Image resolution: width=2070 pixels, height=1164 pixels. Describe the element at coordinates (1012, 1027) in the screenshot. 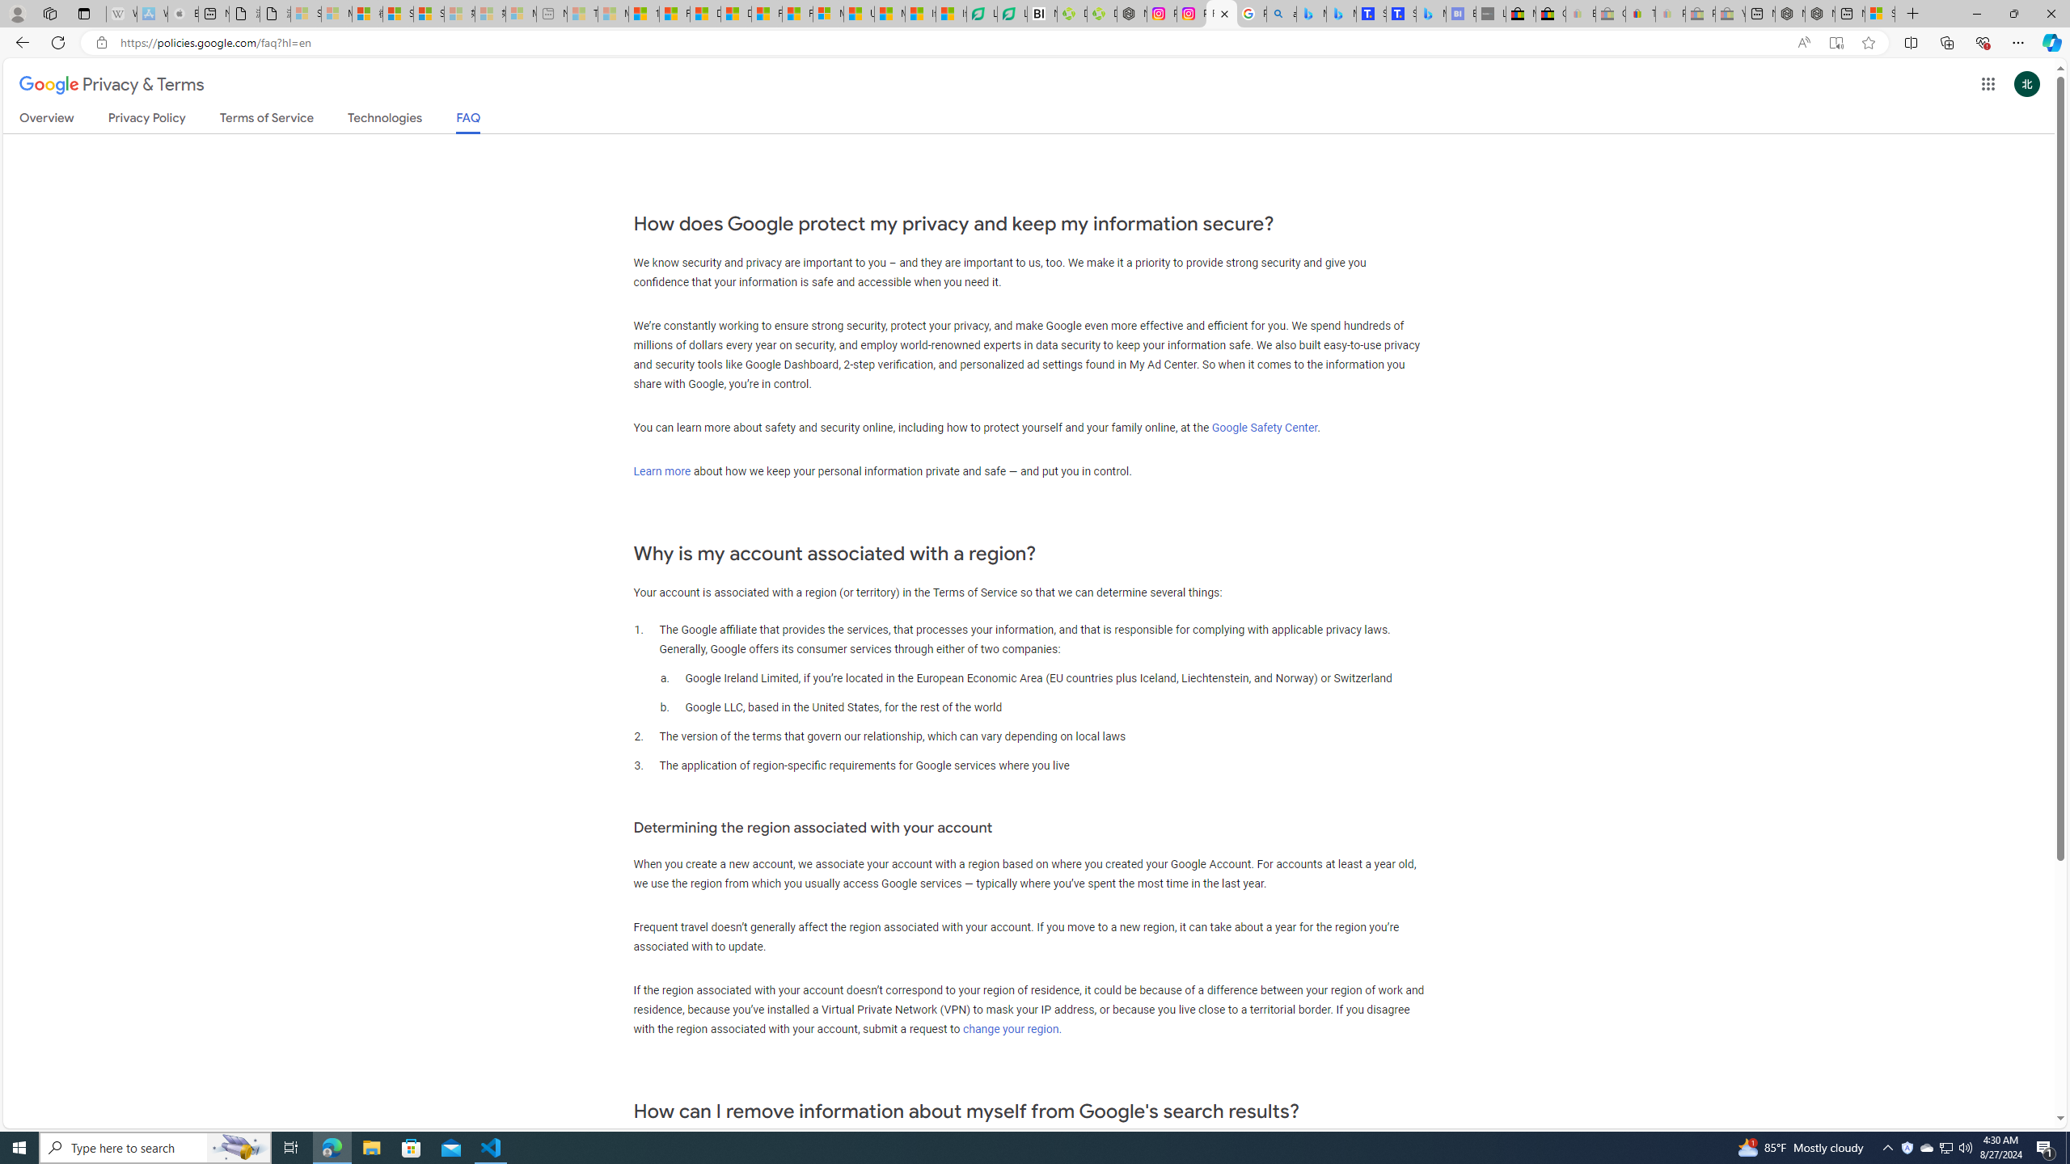

I see `'change your region.'` at that location.